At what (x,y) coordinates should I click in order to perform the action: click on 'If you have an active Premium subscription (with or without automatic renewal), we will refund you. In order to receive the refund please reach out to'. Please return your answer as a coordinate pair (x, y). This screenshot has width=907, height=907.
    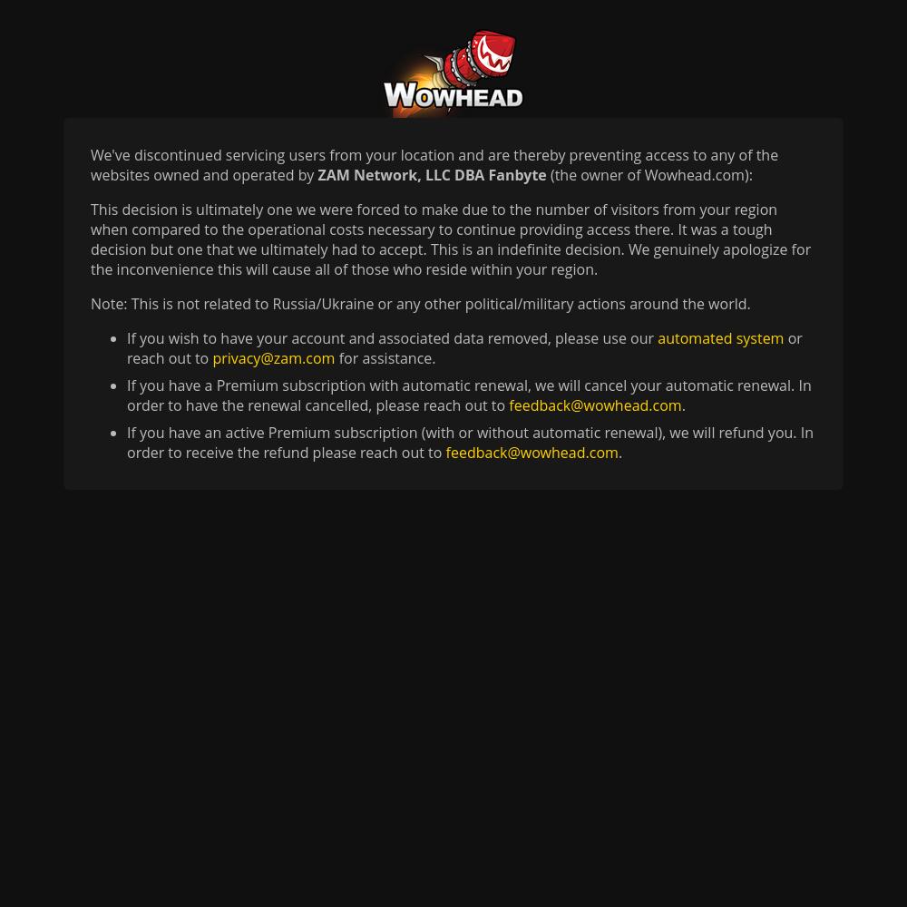
    Looking at the image, I should click on (470, 442).